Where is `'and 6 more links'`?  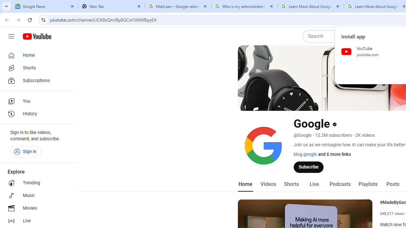 'and 6 more links' is located at coordinates (334, 154).